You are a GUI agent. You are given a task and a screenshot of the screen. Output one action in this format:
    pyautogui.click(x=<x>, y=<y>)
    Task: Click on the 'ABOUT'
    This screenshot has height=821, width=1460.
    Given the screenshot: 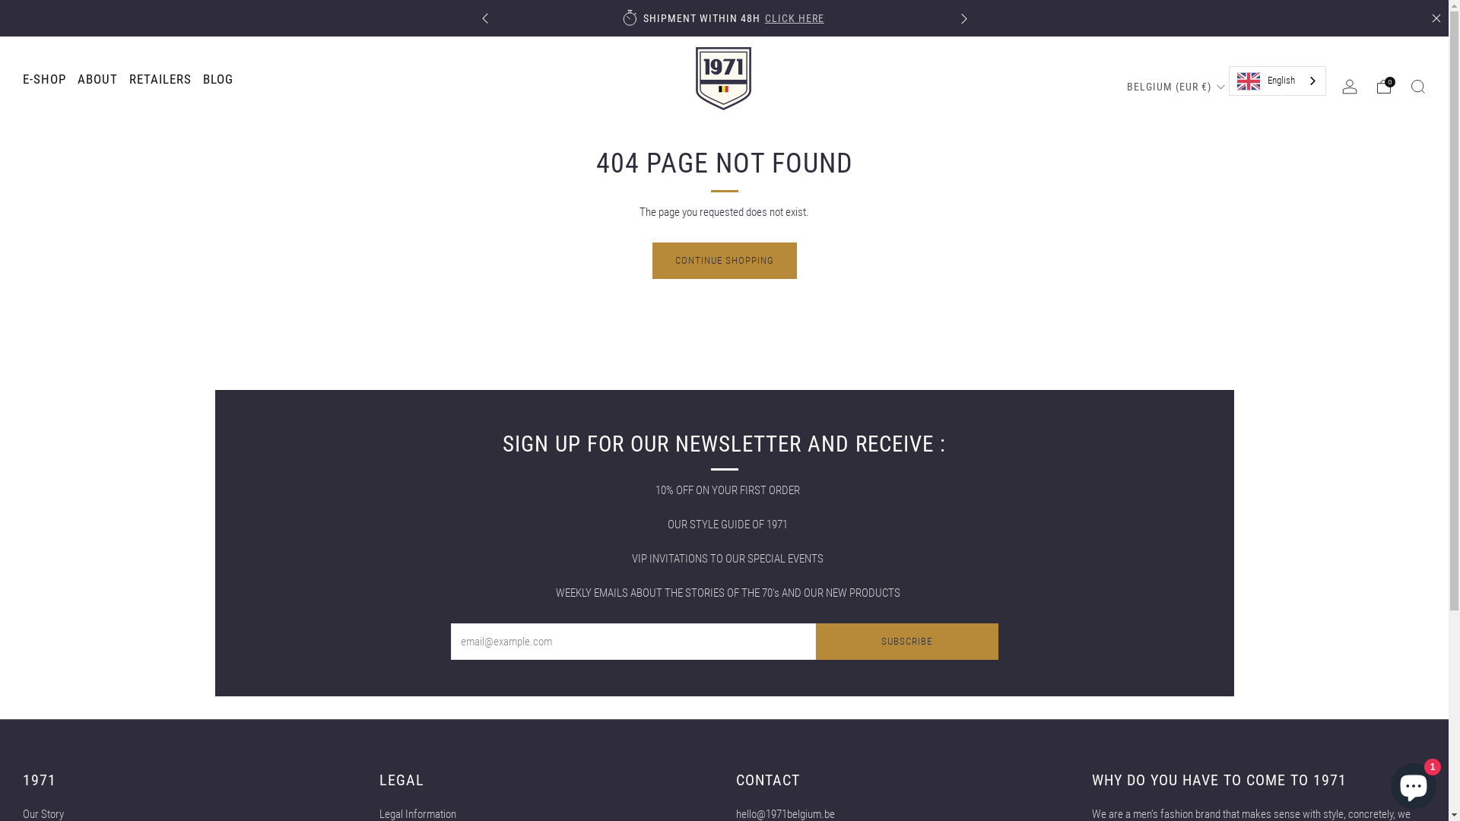 What is the action you would take?
    pyautogui.click(x=76, y=79)
    